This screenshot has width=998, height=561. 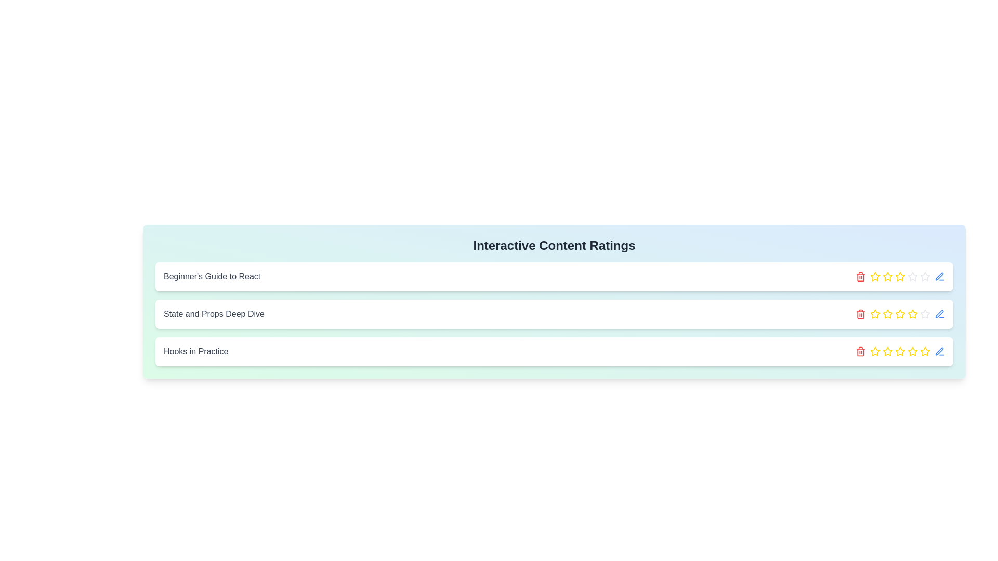 What do you see at coordinates (875, 313) in the screenshot?
I see `the third rating star icon, which is golden-yellow and part of a rating interface, located next to the title 'State and Props Deep Dive' to bring up a context menu` at bounding box center [875, 313].